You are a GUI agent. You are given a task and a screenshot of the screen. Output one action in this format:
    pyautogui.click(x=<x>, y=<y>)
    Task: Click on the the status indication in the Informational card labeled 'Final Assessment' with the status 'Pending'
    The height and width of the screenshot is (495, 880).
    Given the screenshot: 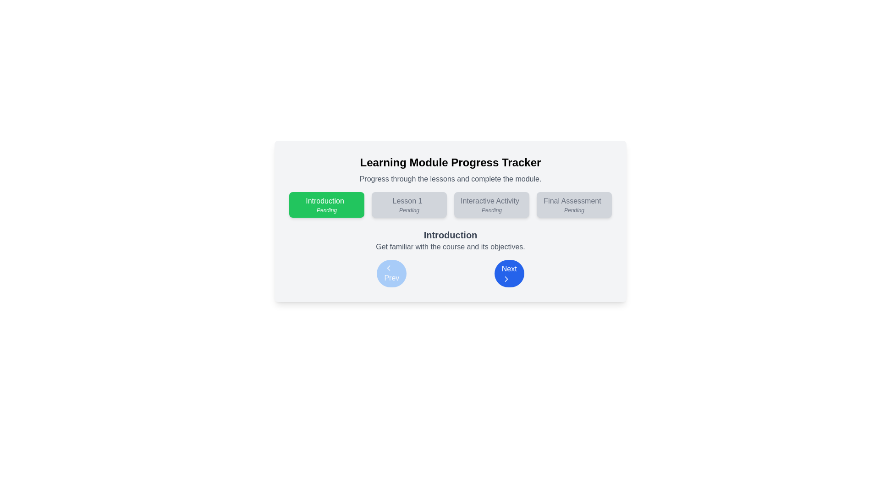 What is the action you would take?
    pyautogui.click(x=573, y=204)
    